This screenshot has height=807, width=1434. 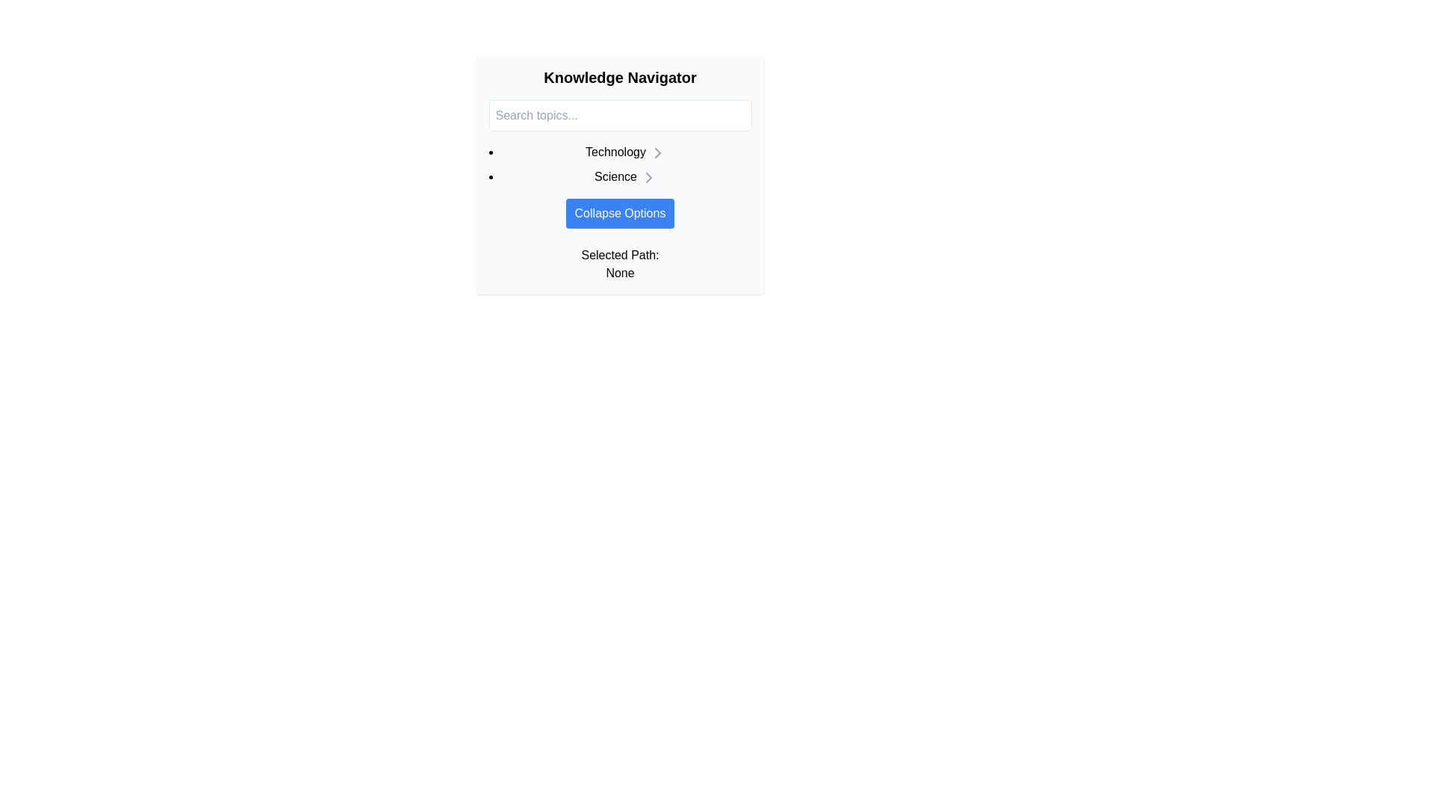 I want to click on the clickable text link with an icon that navigates to the 'Science' section of the application, so click(x=626, y=176).